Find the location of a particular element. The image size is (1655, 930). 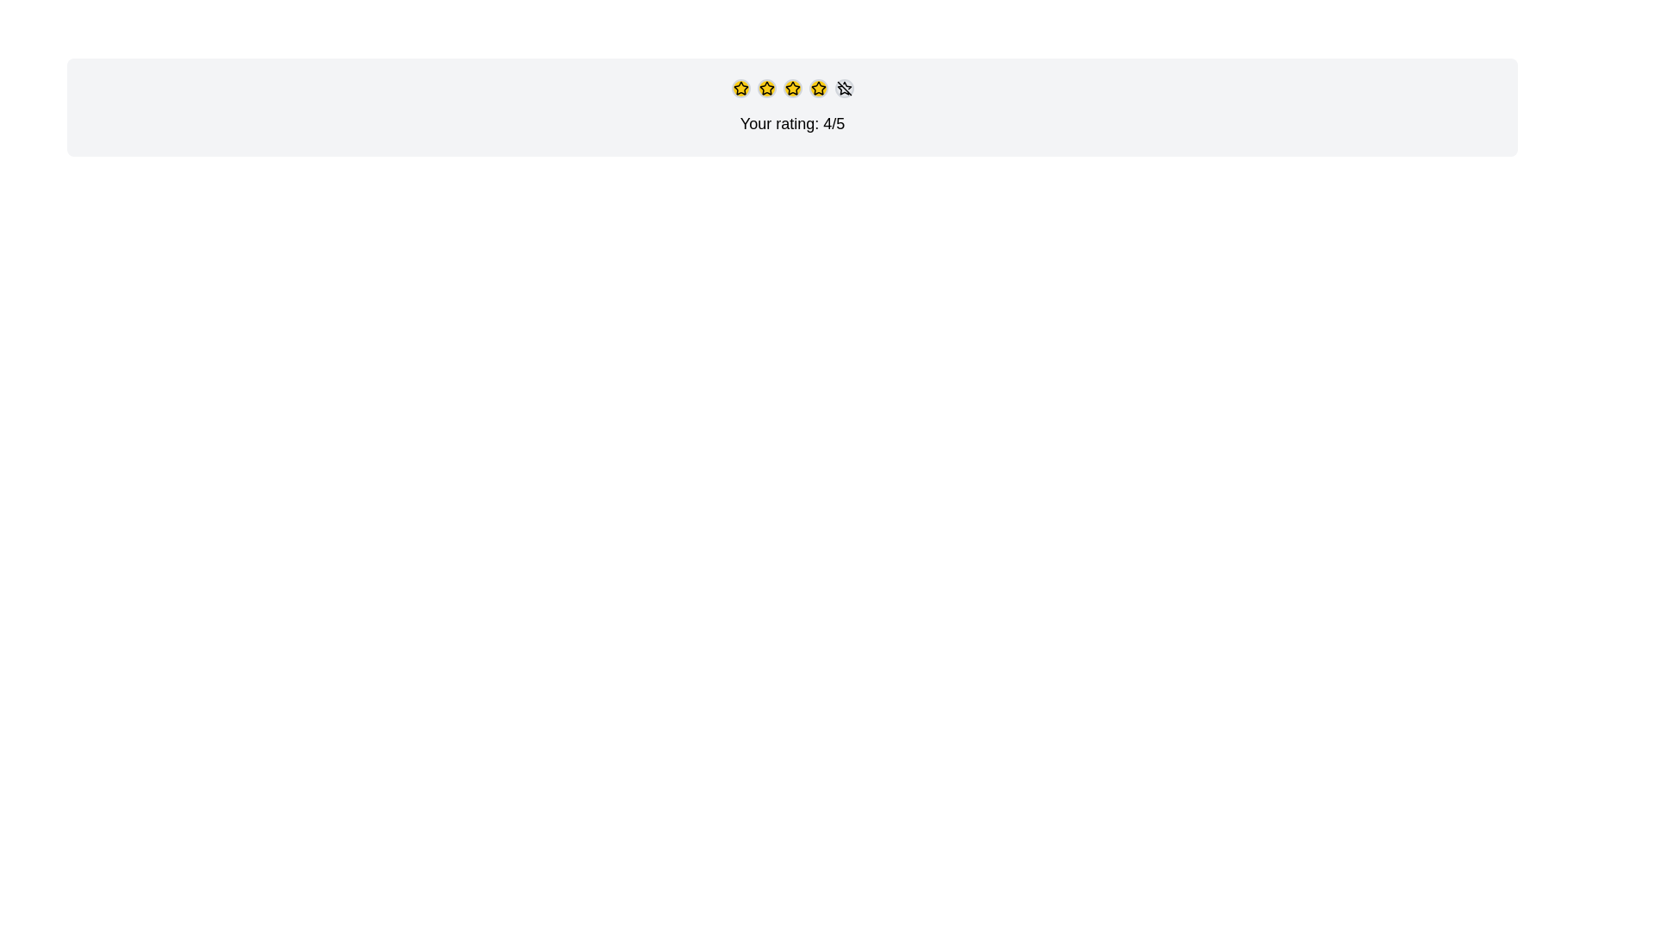

the fifth star icon in the rating system is located at coordinates (844, 89).